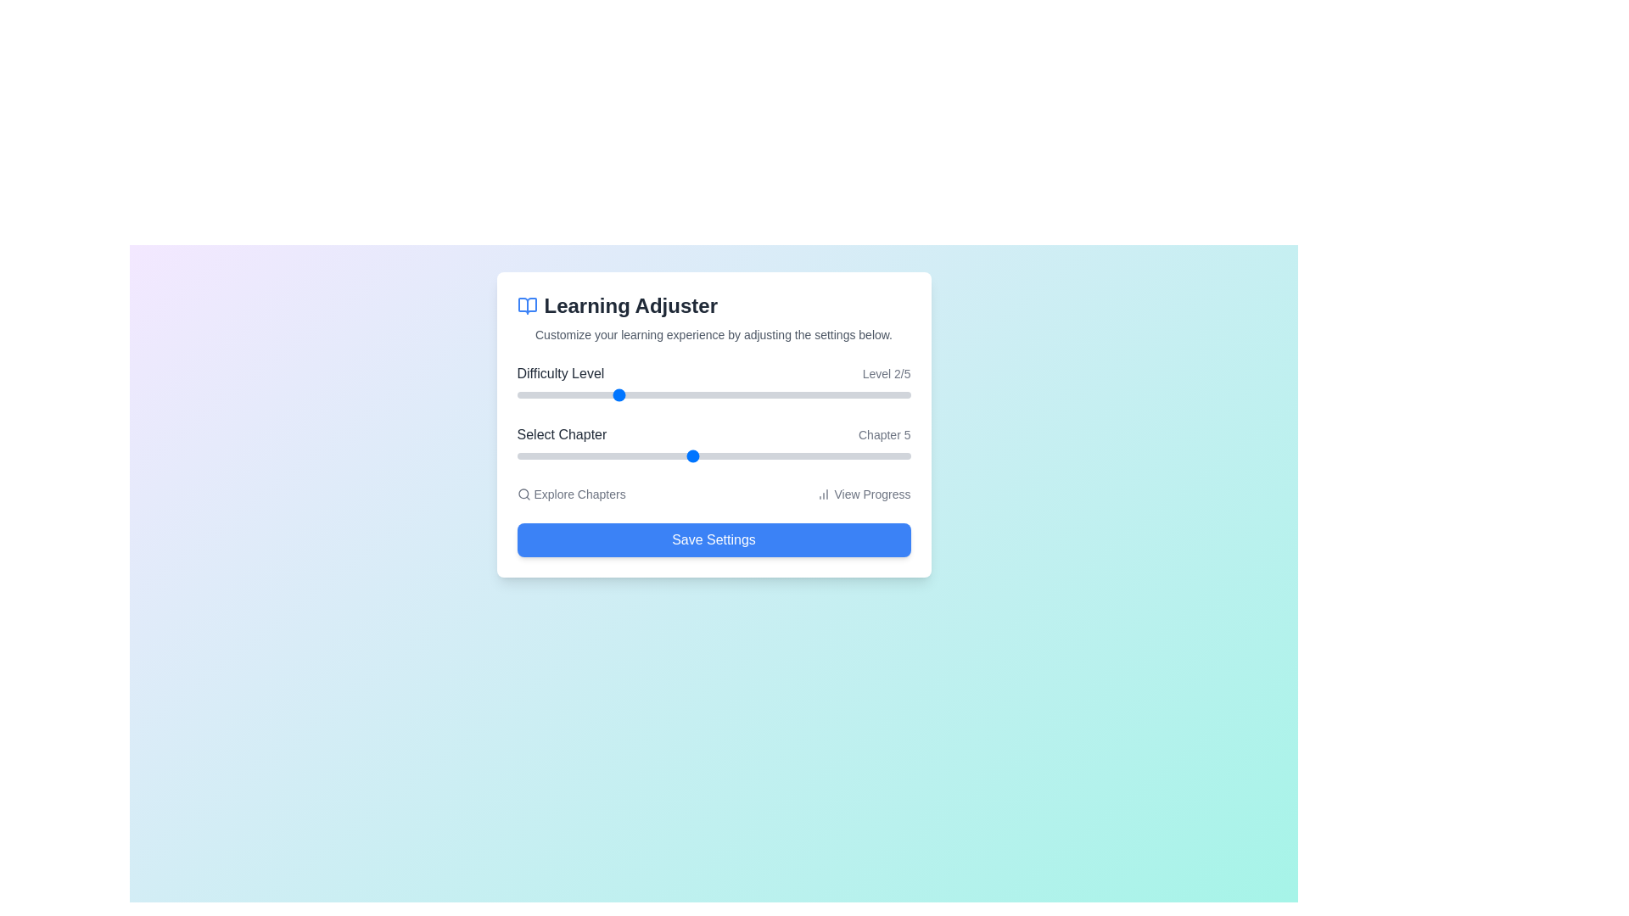 The image size is (1629, 916). Describe the element at coordinates (647, 455) in the screenshot. I see `the chapter` at that location.